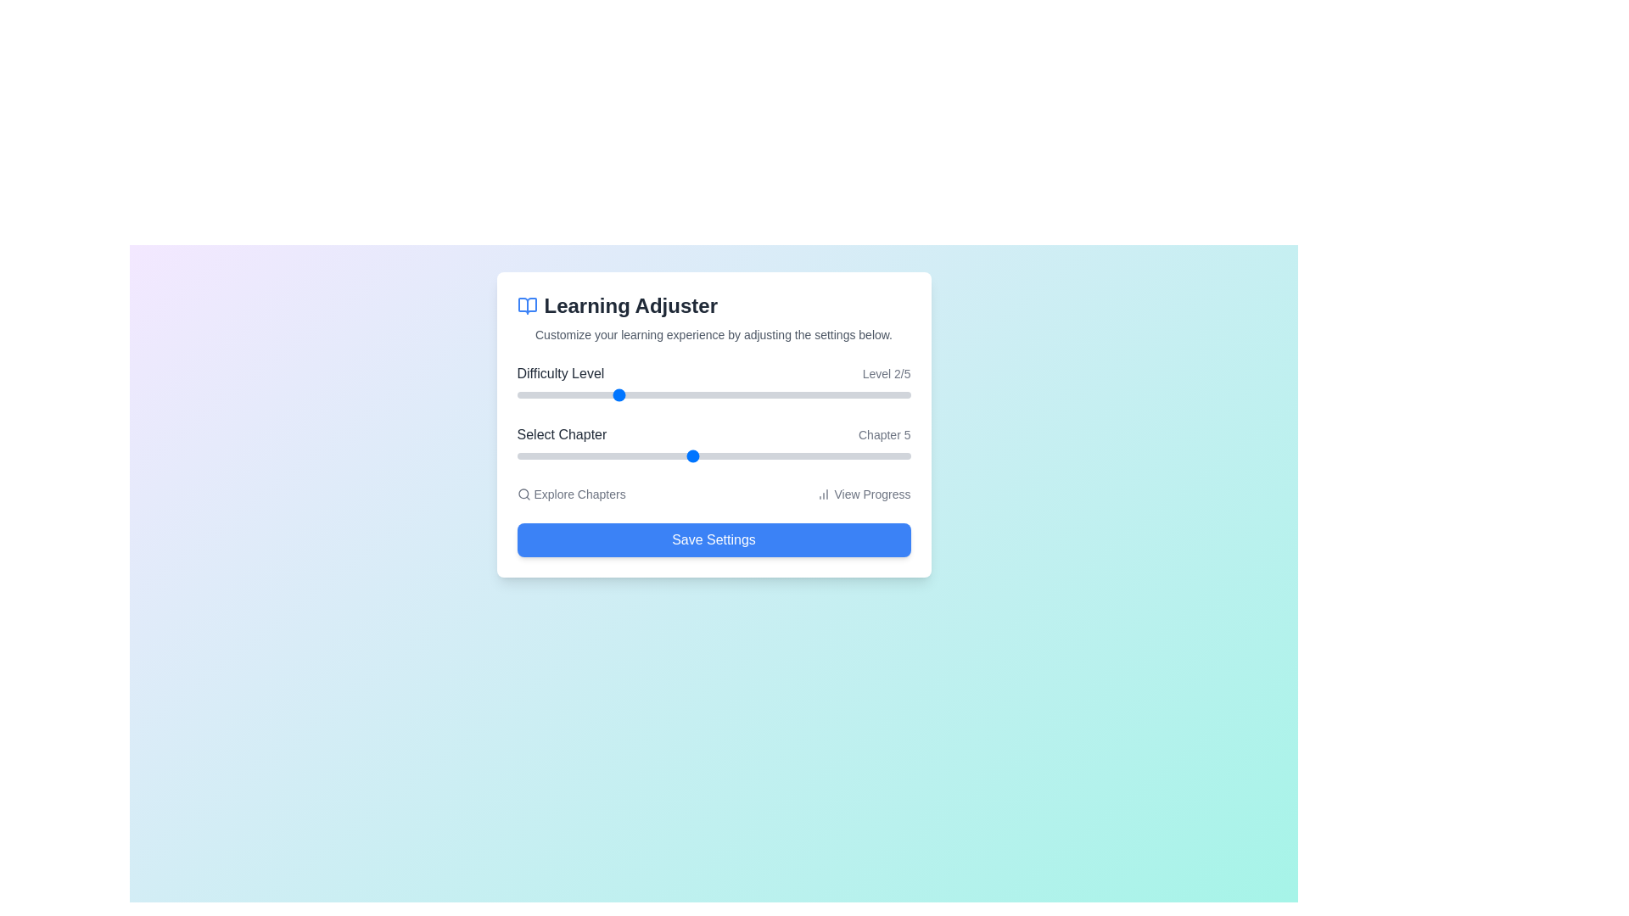 The image size is (1629, 916). Describe the element at coordinates (647, 455) in the screenshot. I see `the chapter` at that location.